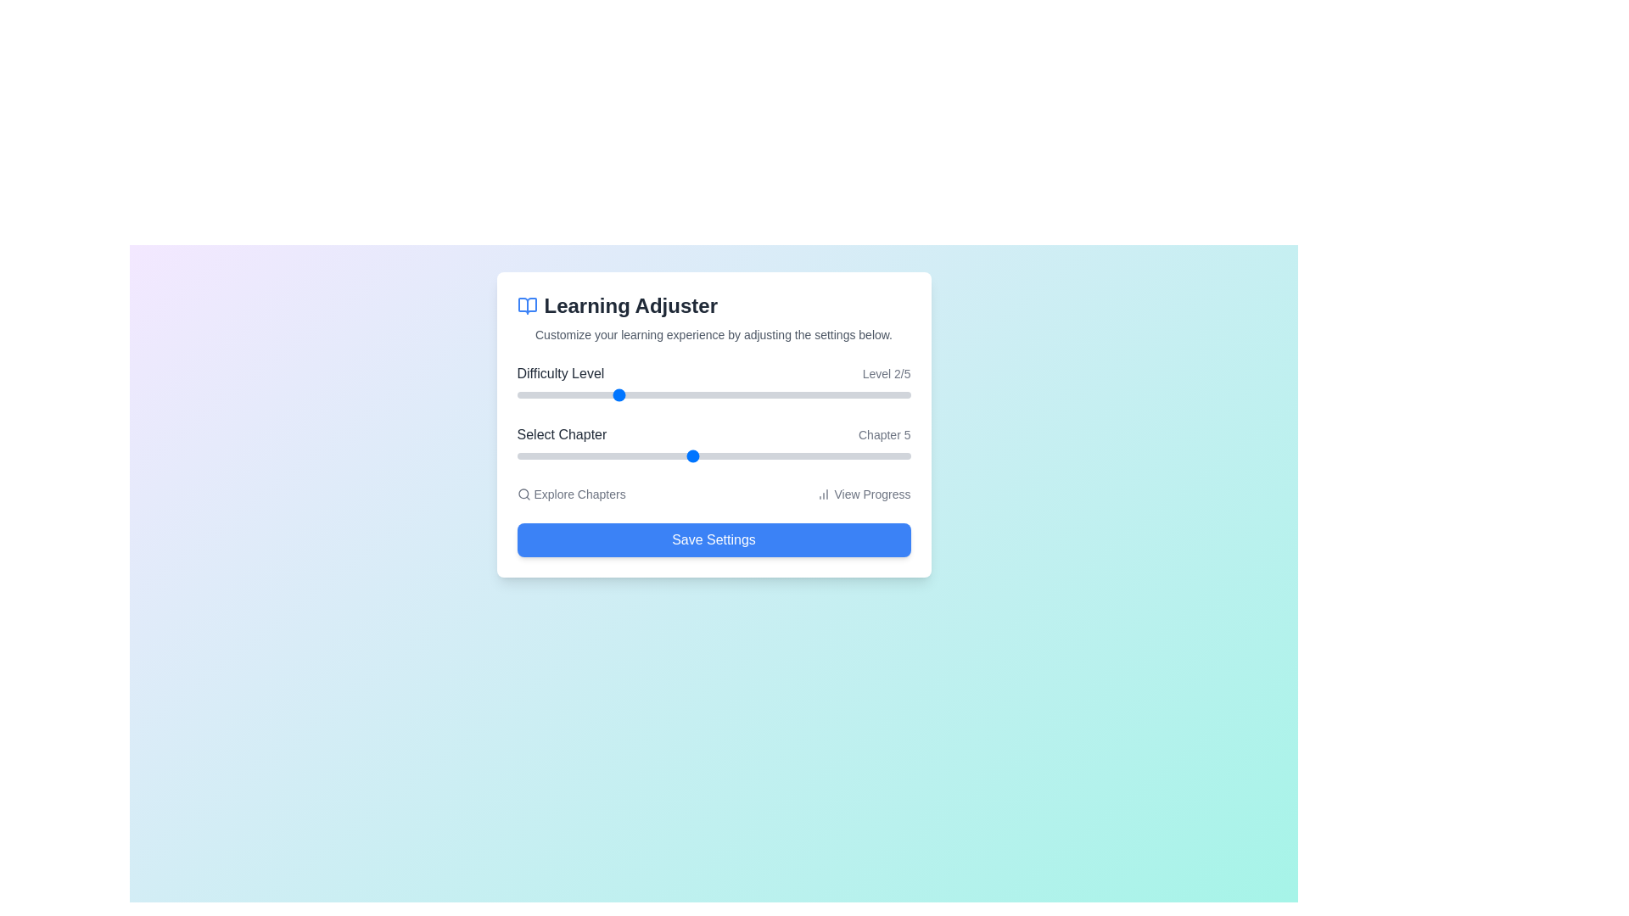 The image size is (1629, 916). Describe the element at coordinates (647, 455) in the screenshot. I see `the chapter` at that location.